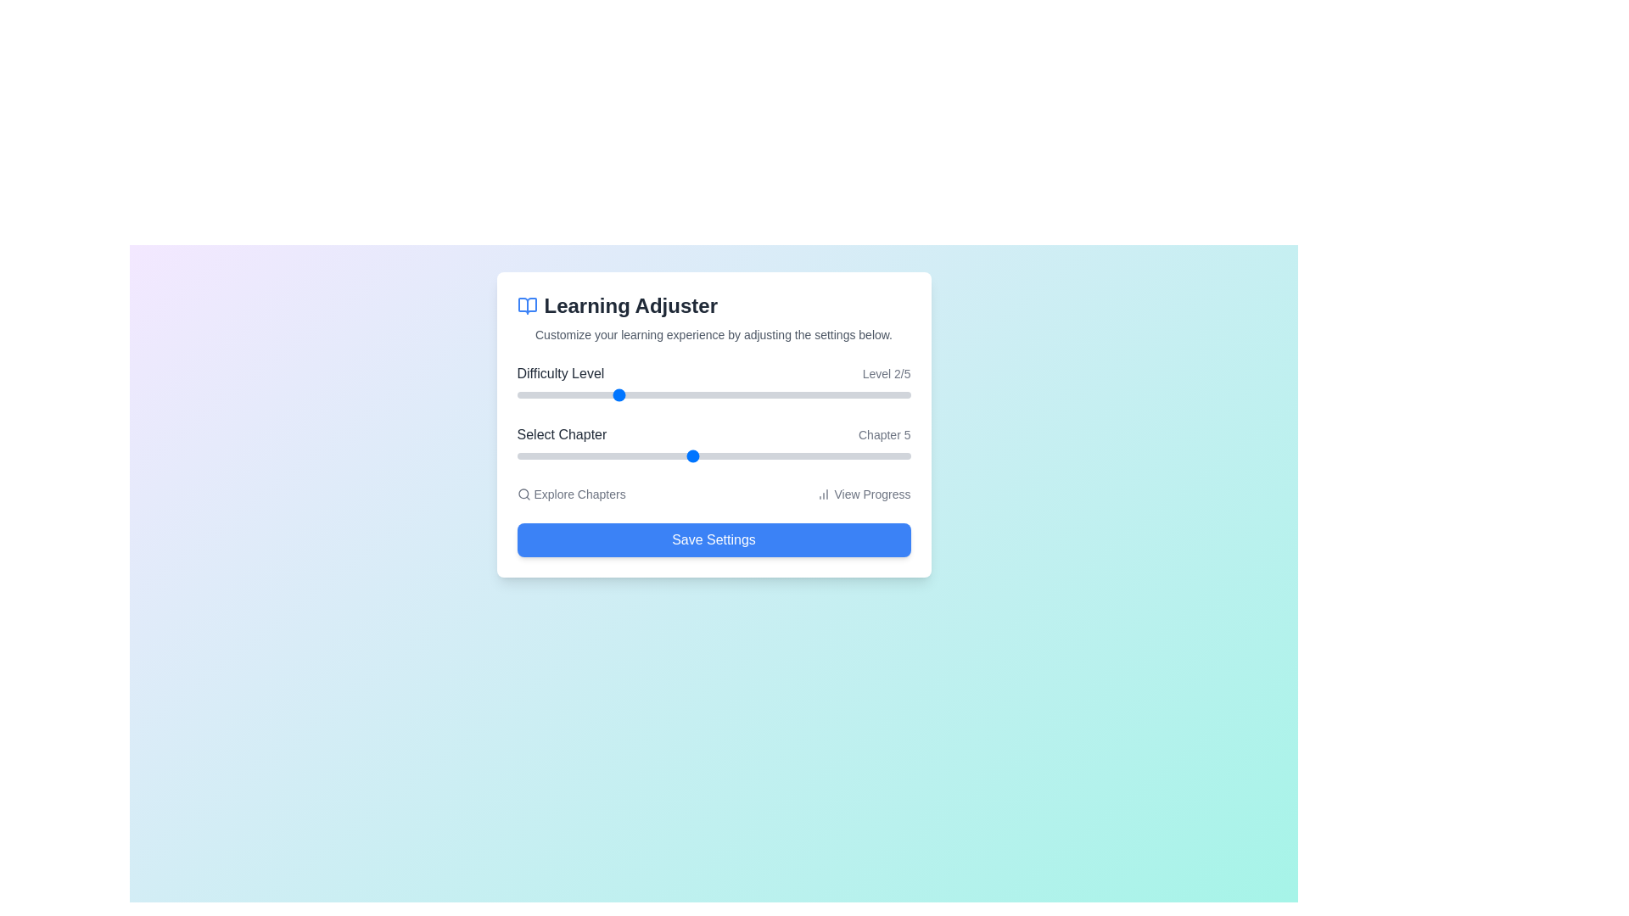 The image size is (1629, 916). Describe the element at coordinates (647, 455) in the screenshot. I see `the chapter` at that location.